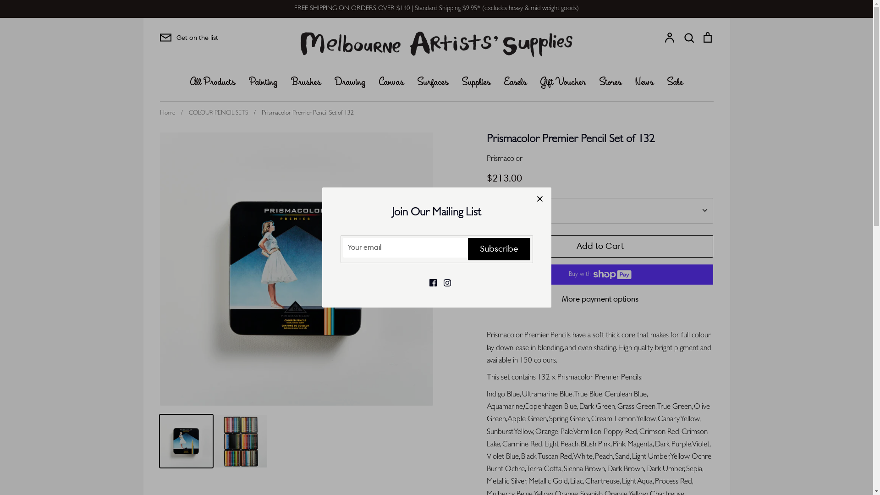 Image resolution: width=880 pixels, height=495 pixels. I want to click on '/ Prismacolor Premier Pencil Set of 132', so click(301, 113).